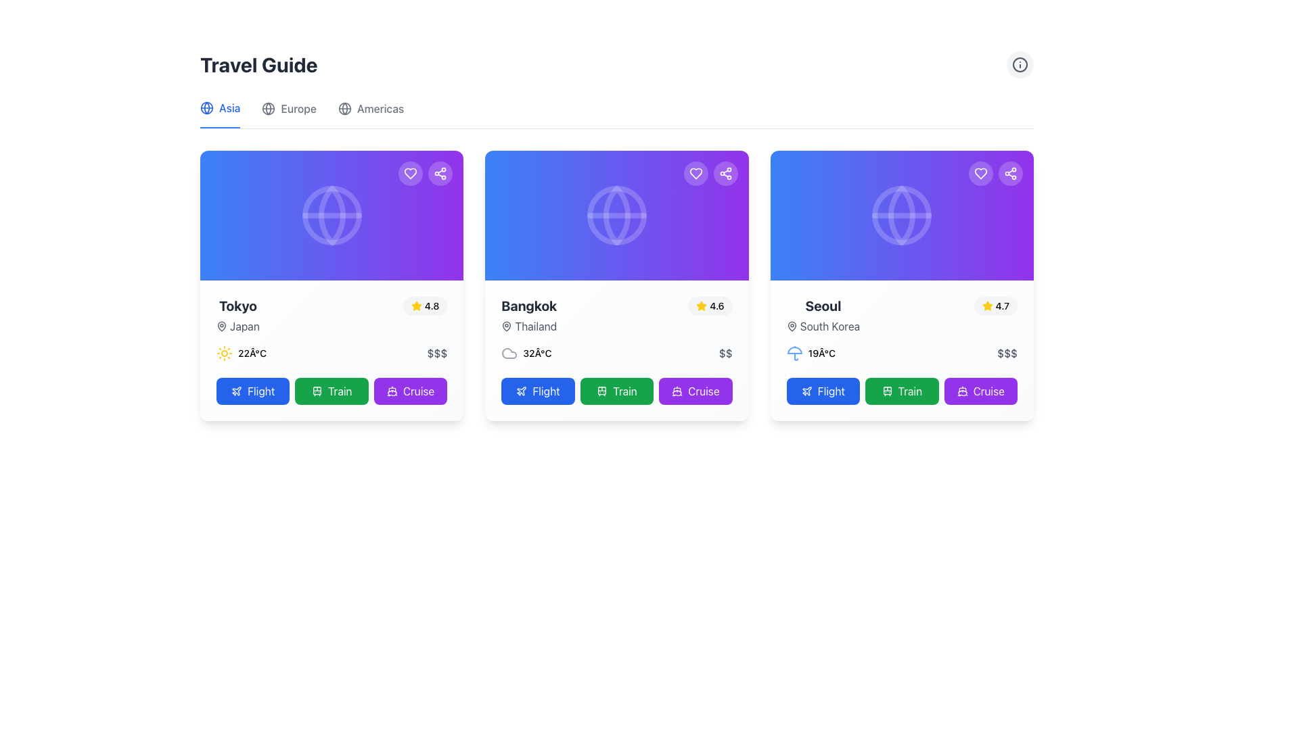 This screenshot has width=1299, height=730. What do you see at coordinates (710, 306) in the screenshot?
I see `the rating value displayed in the small rounded rectangular badge with a light gray background, featuring a yellow star icon and the numeric value '4.6' in black text, located at the top-right of the travel tile for 'Bangkok'` at bounding box center [710, 306].